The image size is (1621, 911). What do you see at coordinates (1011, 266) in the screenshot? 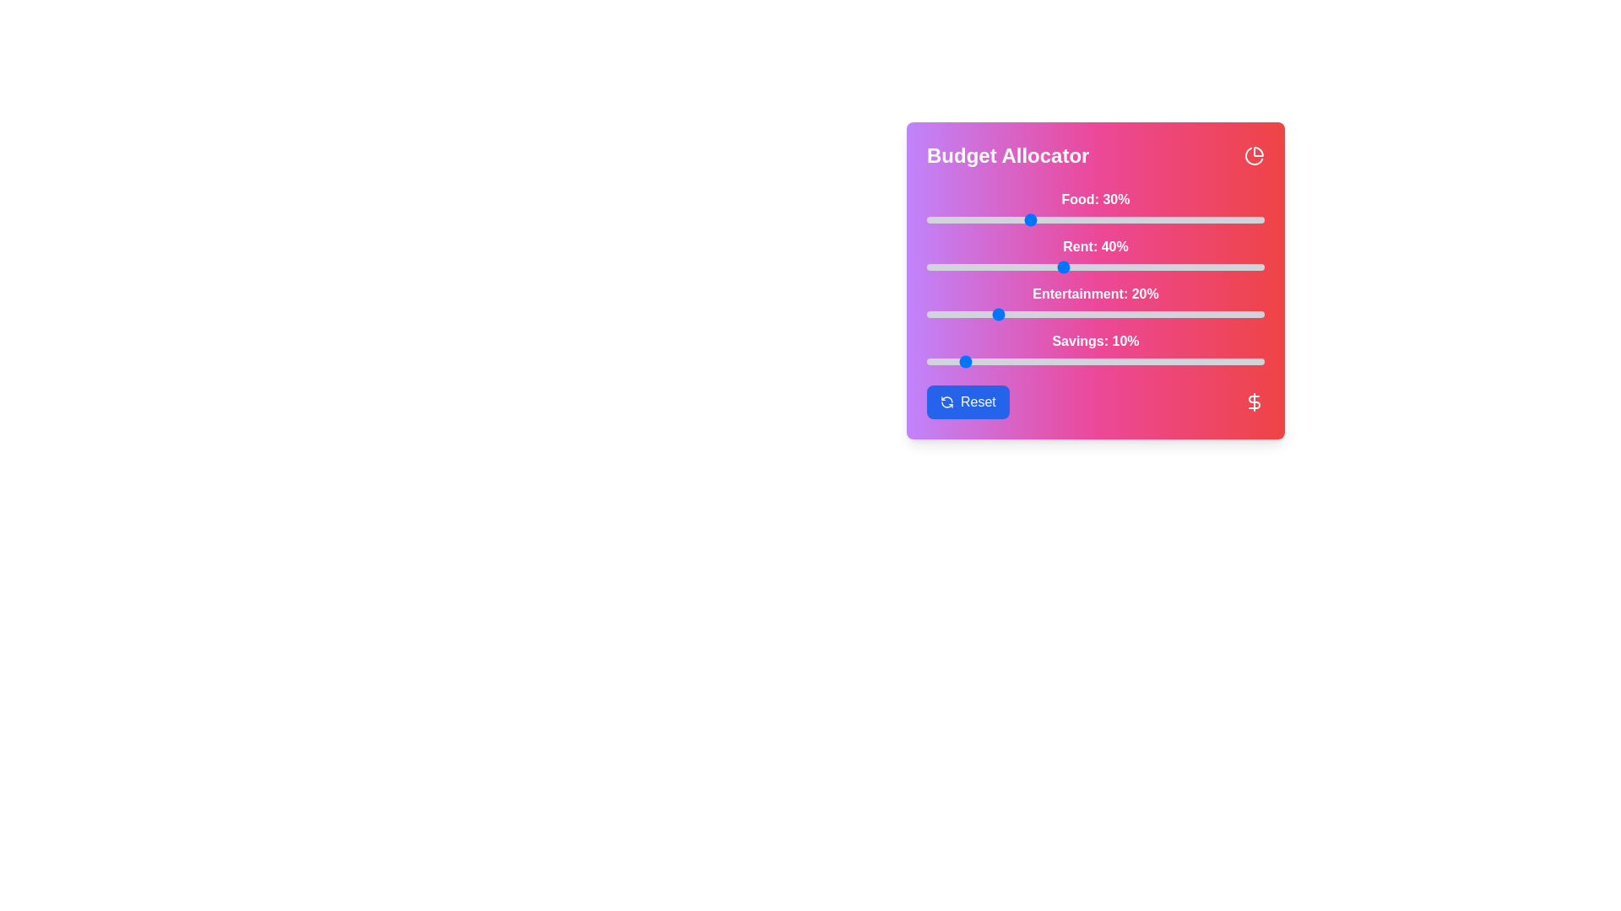
I see `the rent allocation` at bounding box center [1011, 266].